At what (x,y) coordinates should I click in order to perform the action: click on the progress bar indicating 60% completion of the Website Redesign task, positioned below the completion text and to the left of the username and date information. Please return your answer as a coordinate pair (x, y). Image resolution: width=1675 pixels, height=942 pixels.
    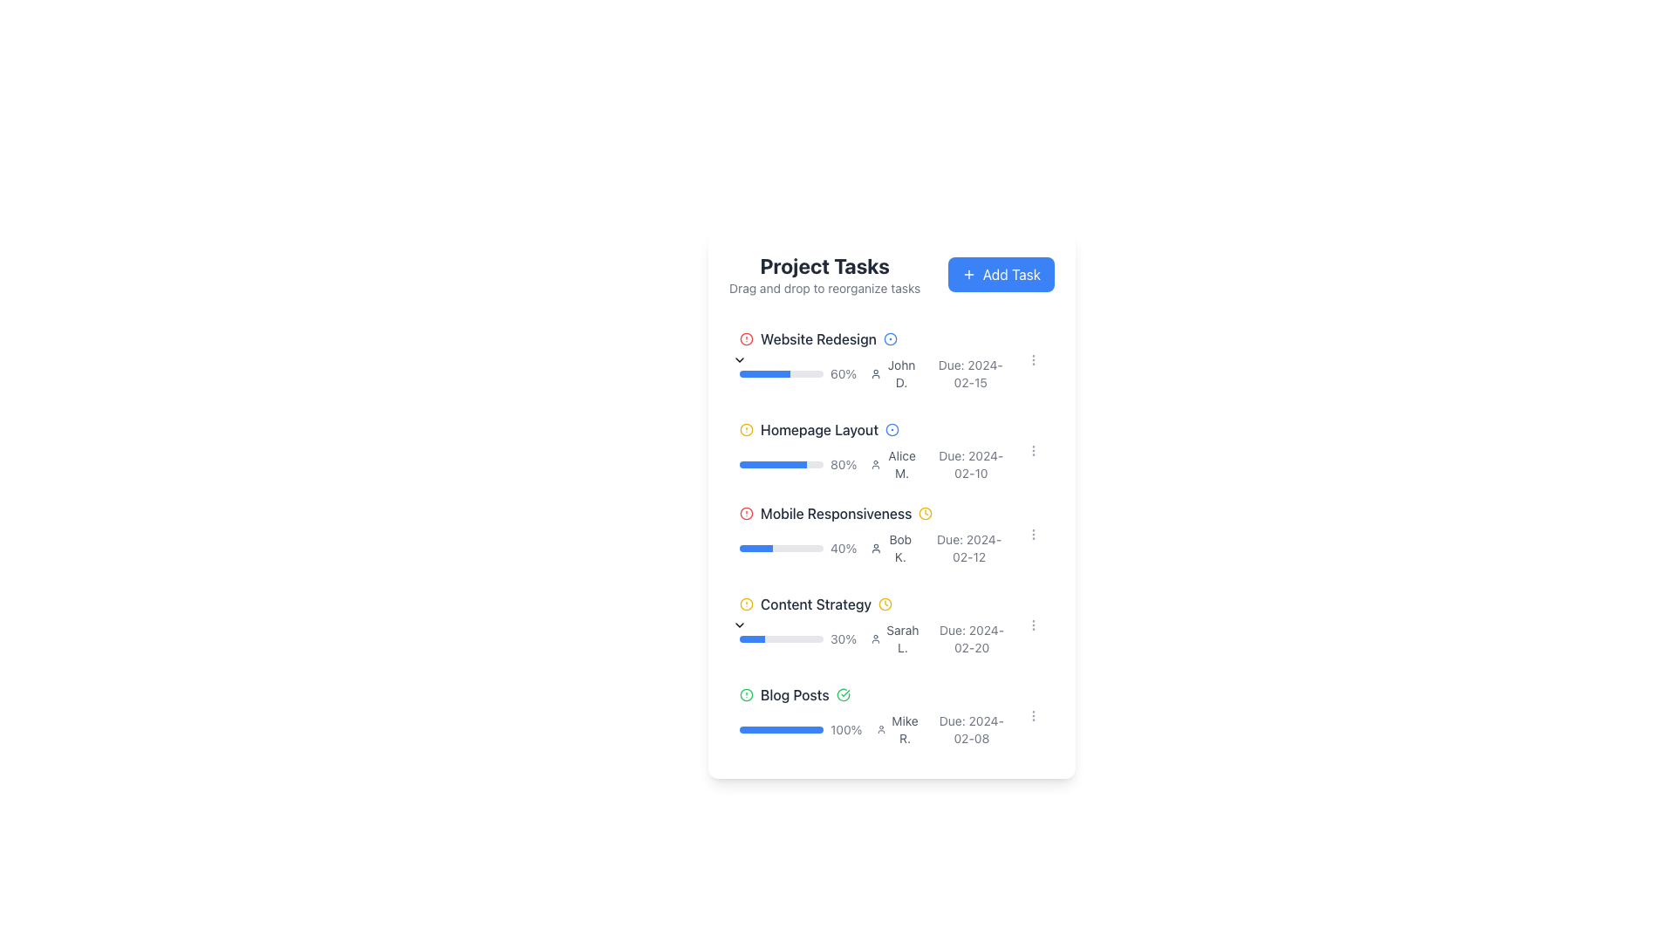
    Looking at the image, I should click on (781, 372).